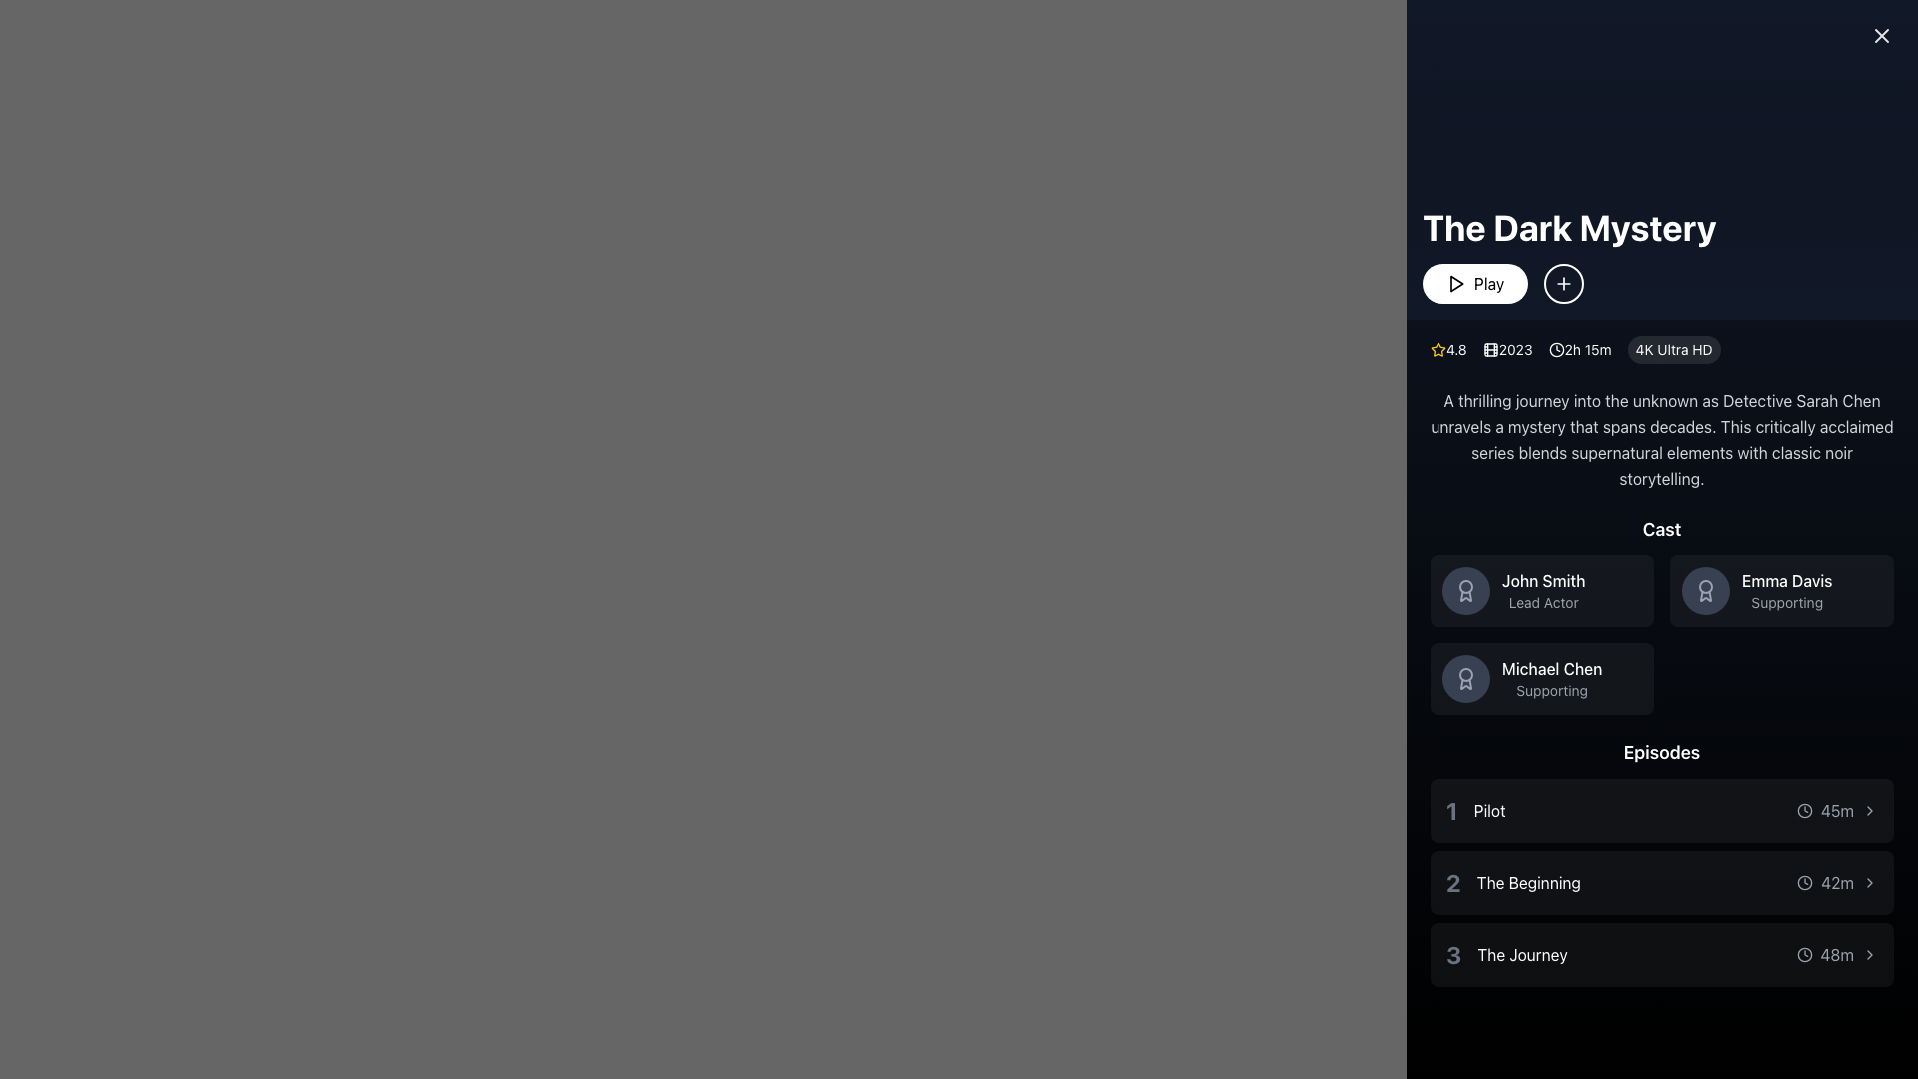 The height and width of the screenshot is (1079, 1918). Describe the element at coordinates (1837, 811) in the screenshot. I see `the duration text element for the episode 'Pilot' located on the right side of the episode entry, following a clock icon and preceding a right-arrow icon` at that location.